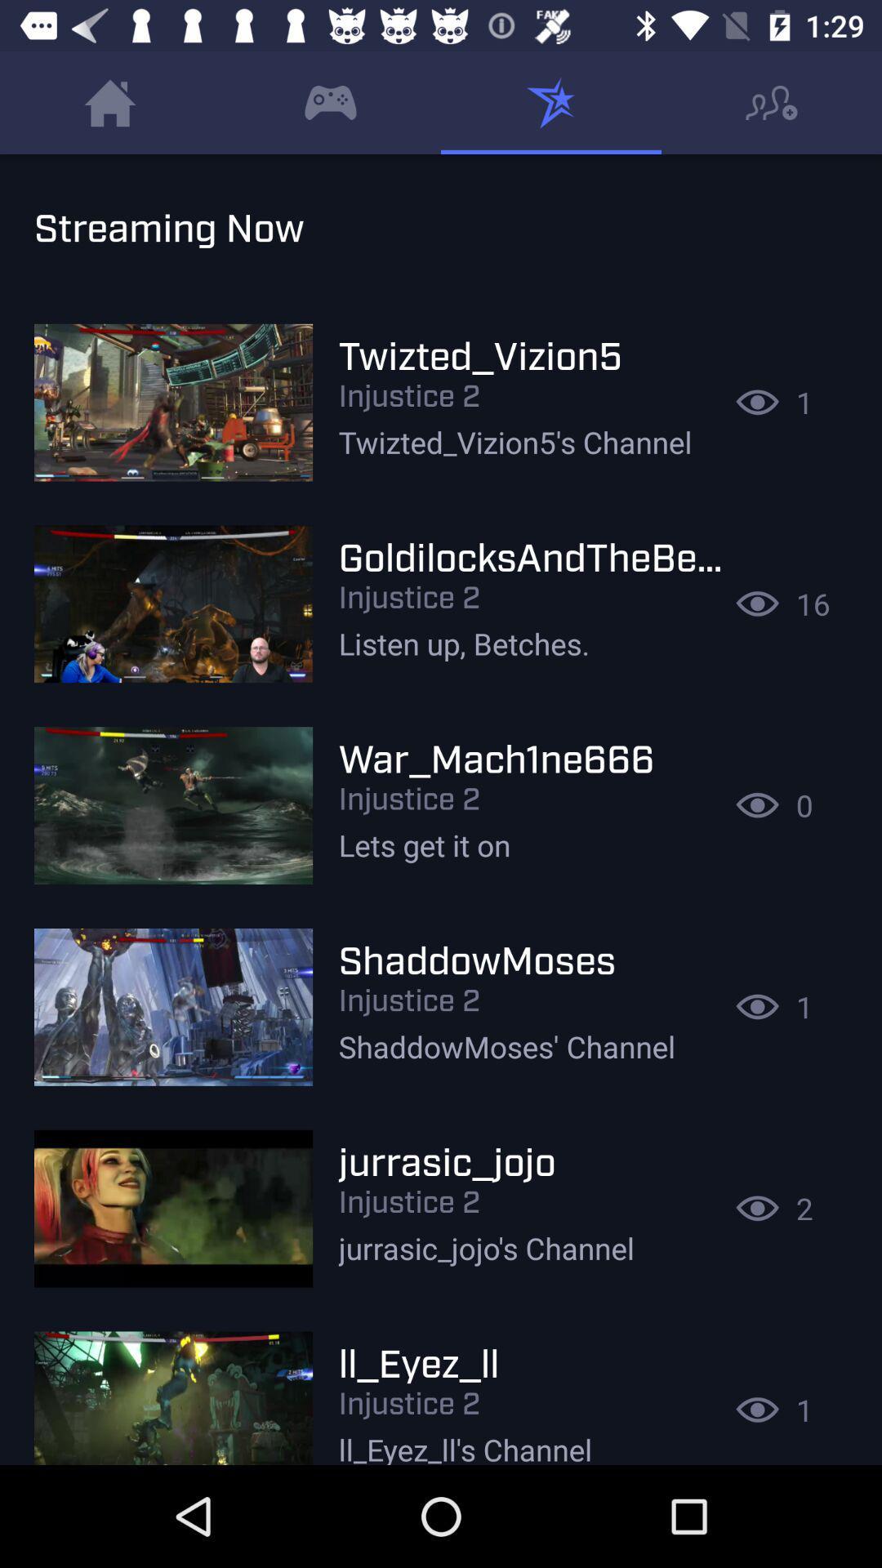 Image resolution: width=882 pixels, height=1568 pixels. Describe the element at coordinates (173, 403) in the screenshot. I see `the first image` at that location.